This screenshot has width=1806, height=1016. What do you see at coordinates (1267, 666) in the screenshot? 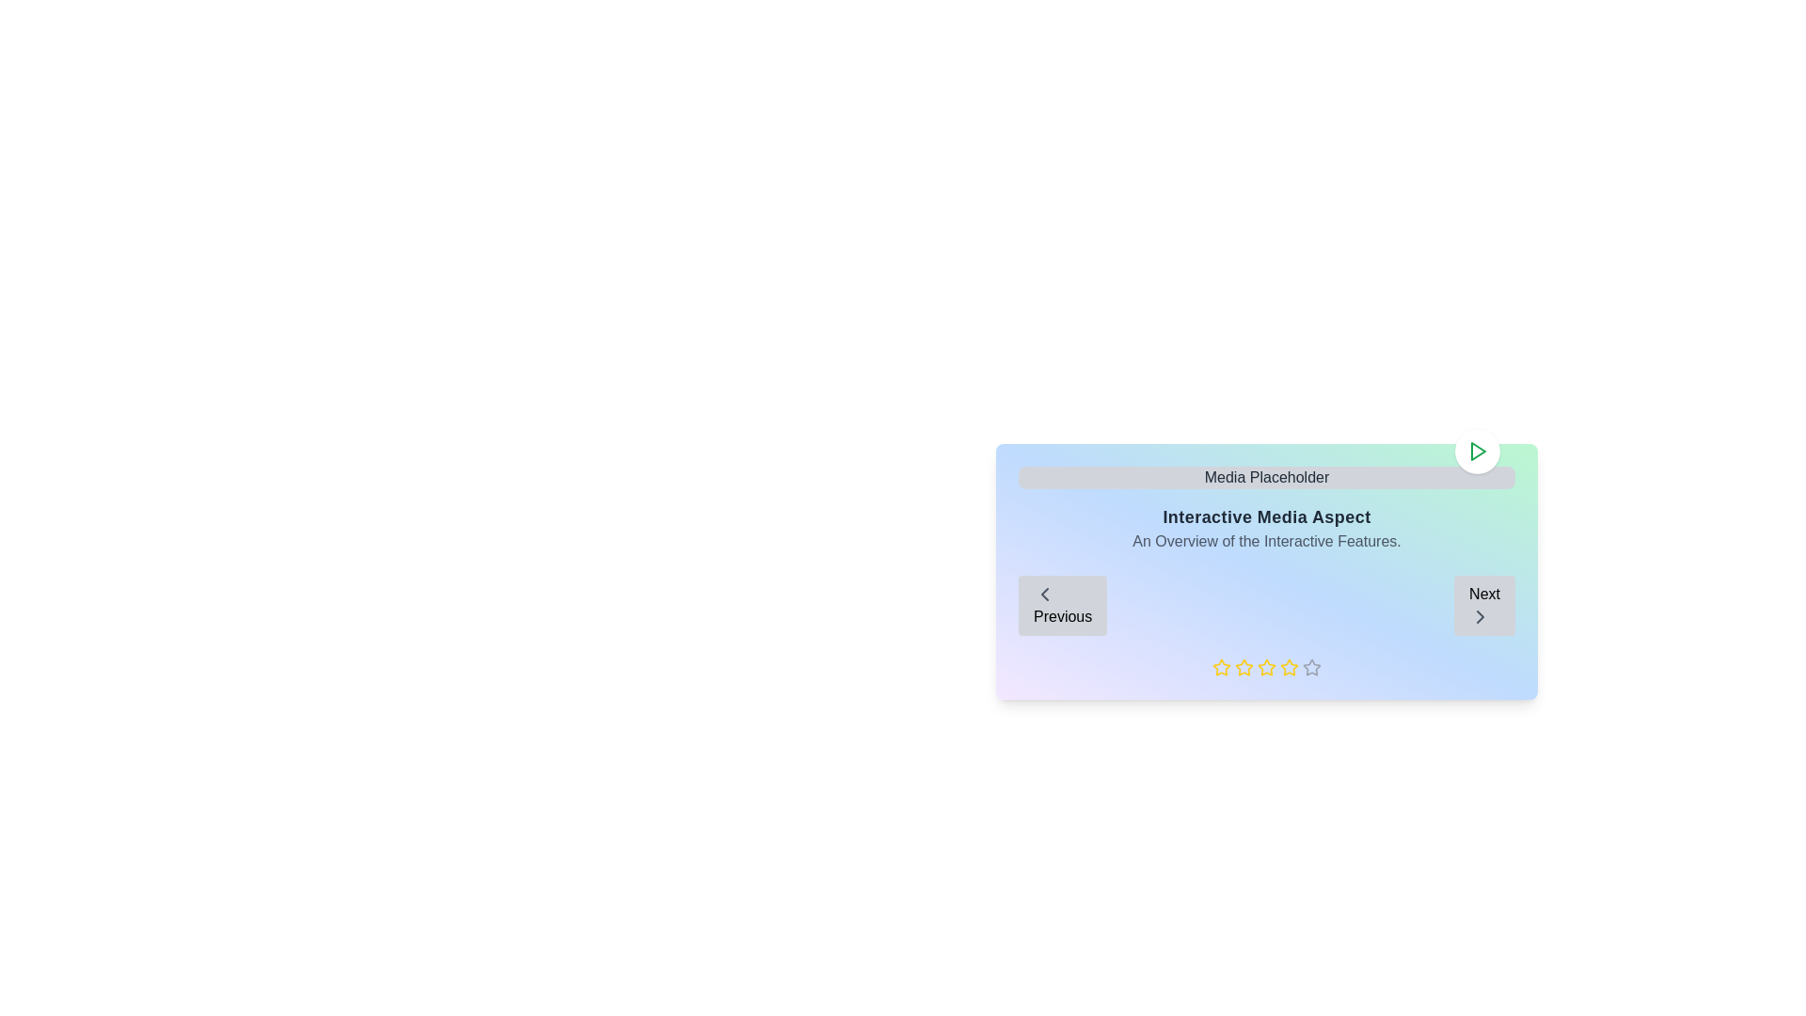
I see `the third star icon in the row of five stars to indicate a 3-star rating out of 5` at bounding box center [1267, 666].